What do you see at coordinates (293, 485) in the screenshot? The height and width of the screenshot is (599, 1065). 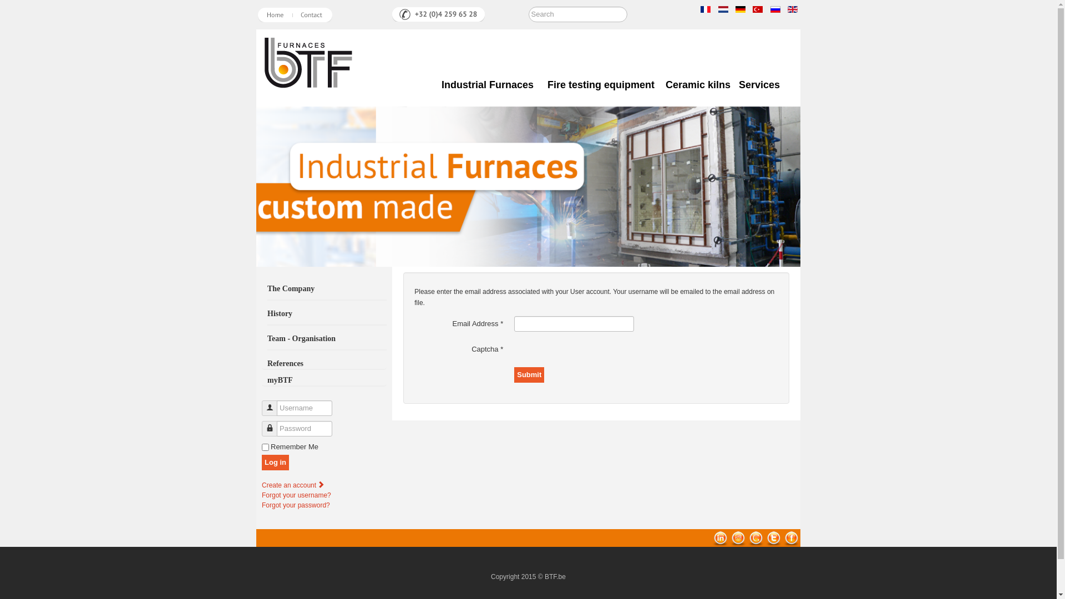 I see `'Create an account'` at bounding box center [293, 485].